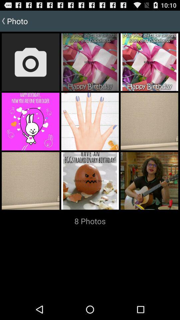 Image resolution: width=180 pixels, height=320 pixels. Describe the element at coordinates (90, 221) in the screenshot. I see `8 photos item` at that location.